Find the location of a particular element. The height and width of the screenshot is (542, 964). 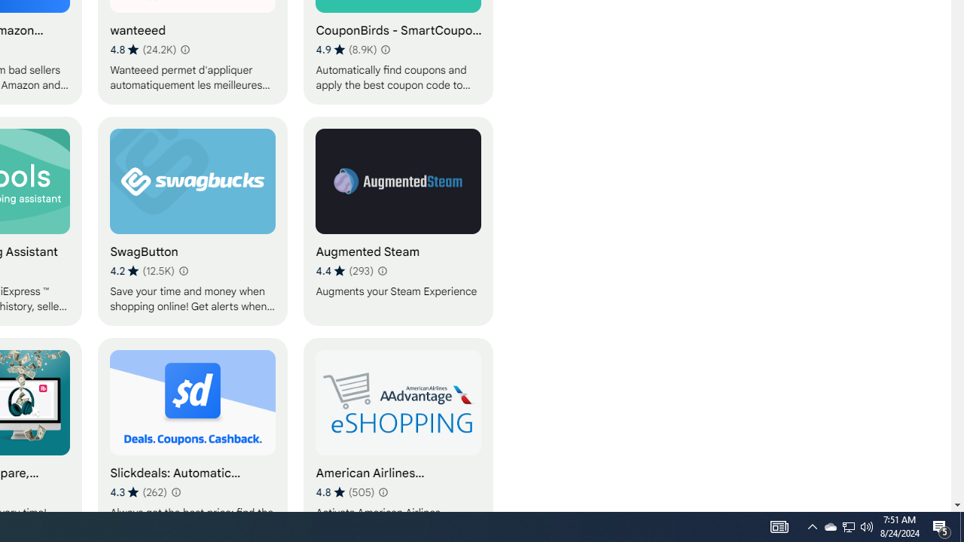

'Average rating 4.8 out of 5 stars. 505 ratings.' is located at coordinates (344, 492).